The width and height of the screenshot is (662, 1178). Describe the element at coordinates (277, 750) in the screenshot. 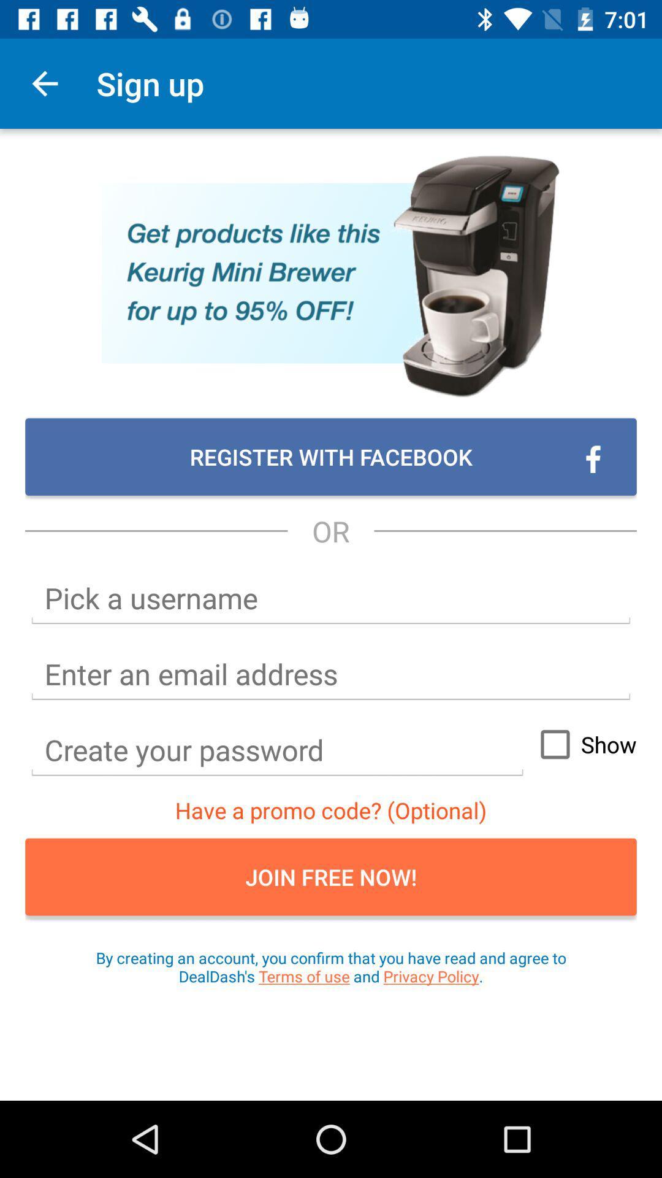

I see `icon next to the show item` at that location.